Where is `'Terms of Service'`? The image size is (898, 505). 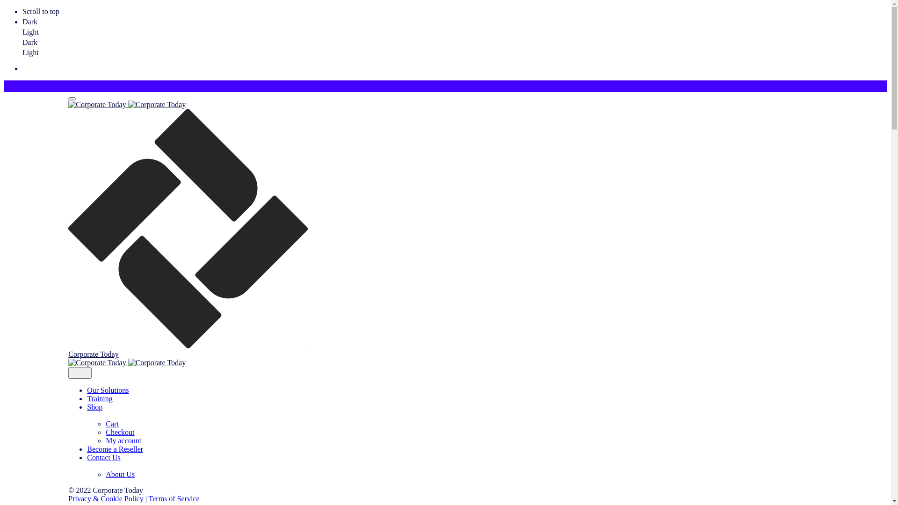 'Terms of Service' is located at coordinates (174, 498).